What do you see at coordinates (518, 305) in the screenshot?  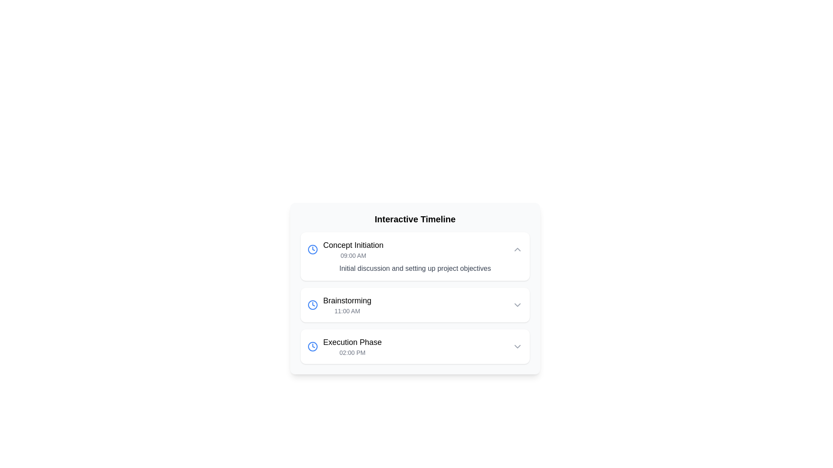 I see `the downward-pointing chevron icon located in the 'Brainstorming 11:00 AM' section of the timeline` at bounding box center [518, 305].